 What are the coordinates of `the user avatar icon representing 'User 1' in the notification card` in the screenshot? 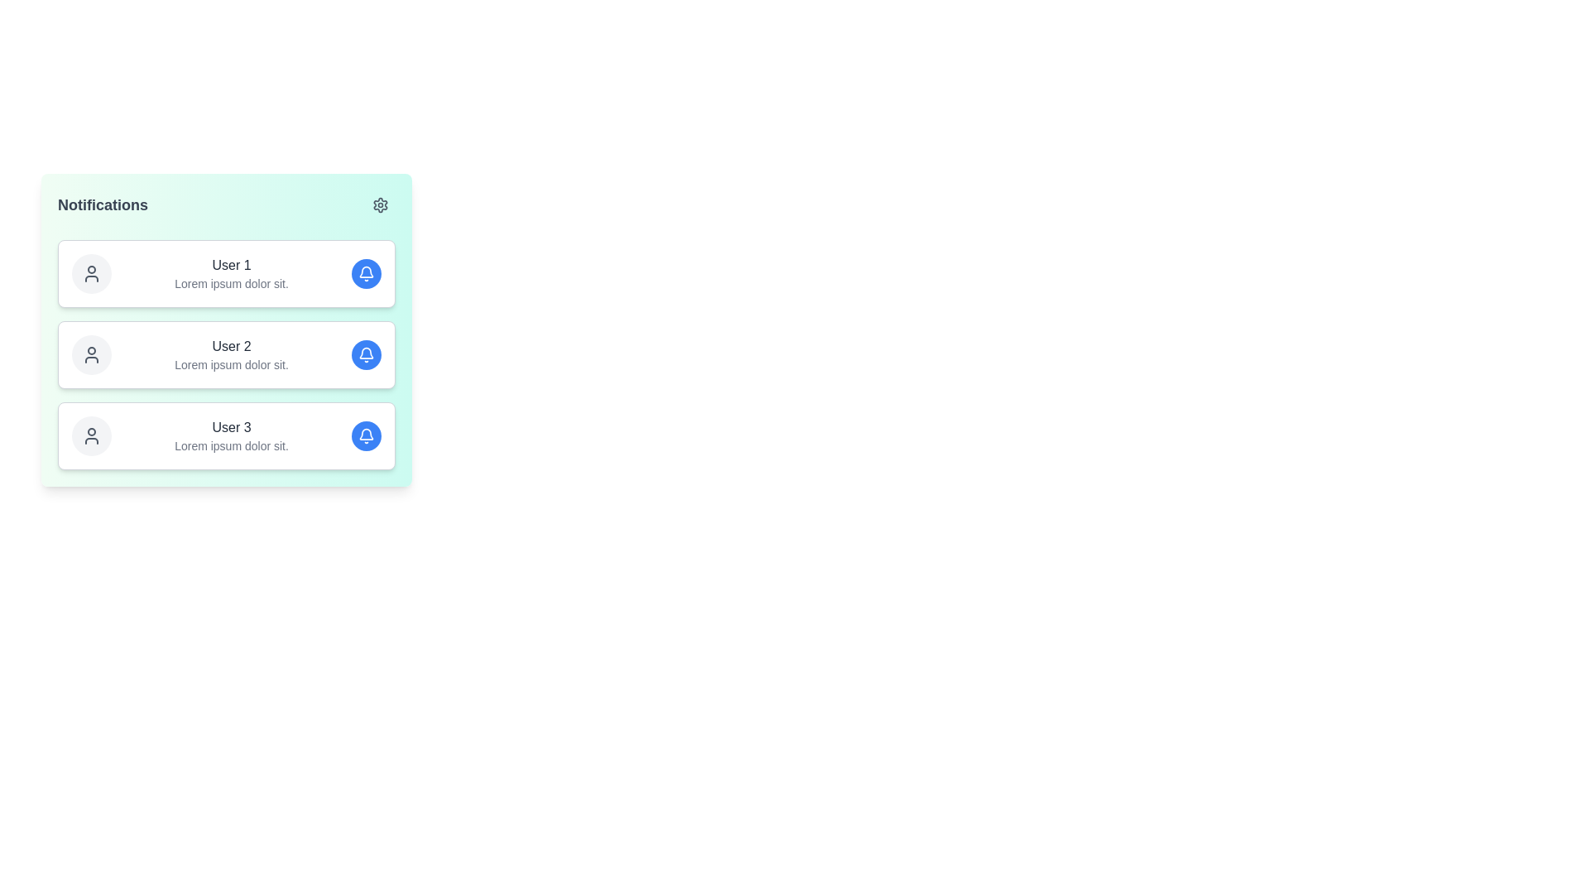 It's located at (90, 273).